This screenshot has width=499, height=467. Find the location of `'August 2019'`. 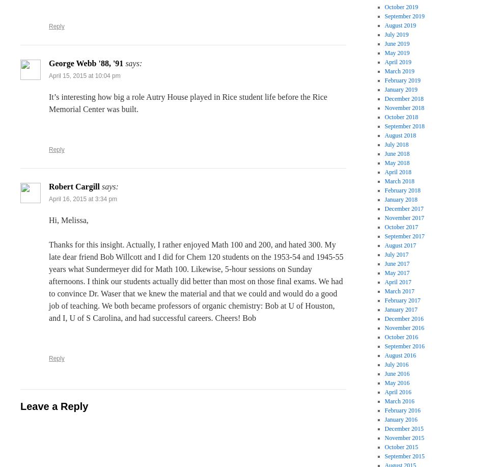

'August 2019' is located at coordinates (400, 25).